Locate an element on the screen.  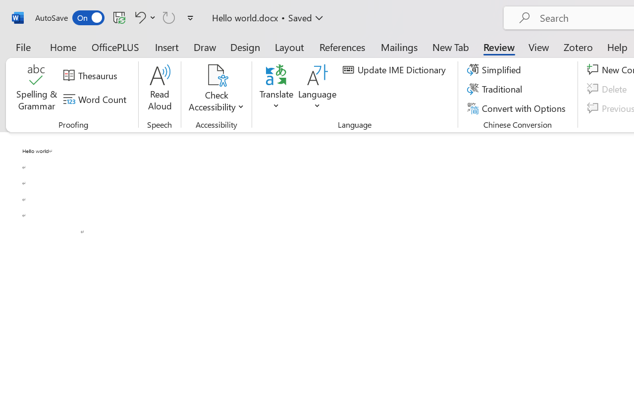
'Insert' is located at coordinates (167, 47).